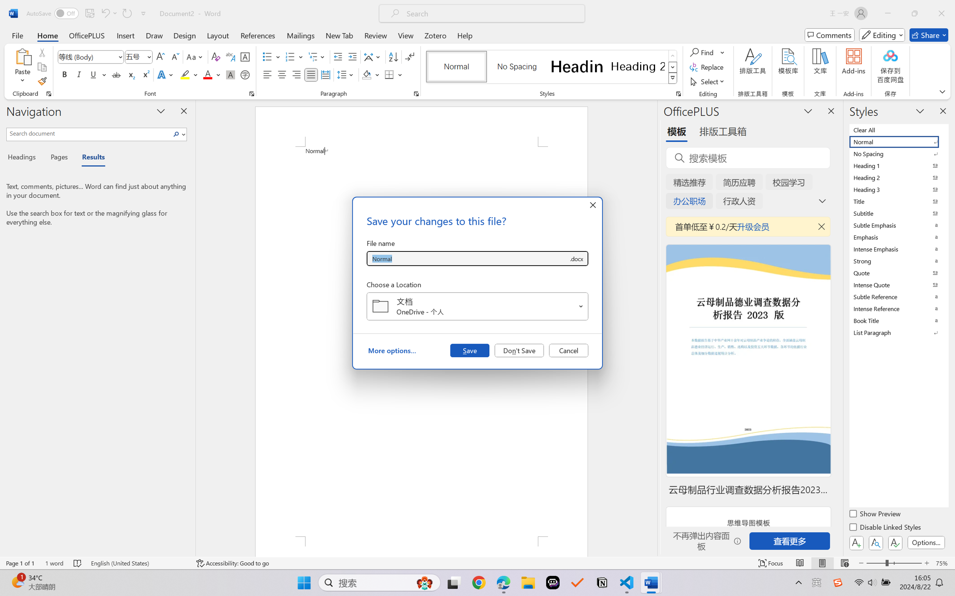 The height and width of the screenshot is (596, 955). Describe the element at coordinates (91, 57) in the screenshot. I see `'Font'` at that location.